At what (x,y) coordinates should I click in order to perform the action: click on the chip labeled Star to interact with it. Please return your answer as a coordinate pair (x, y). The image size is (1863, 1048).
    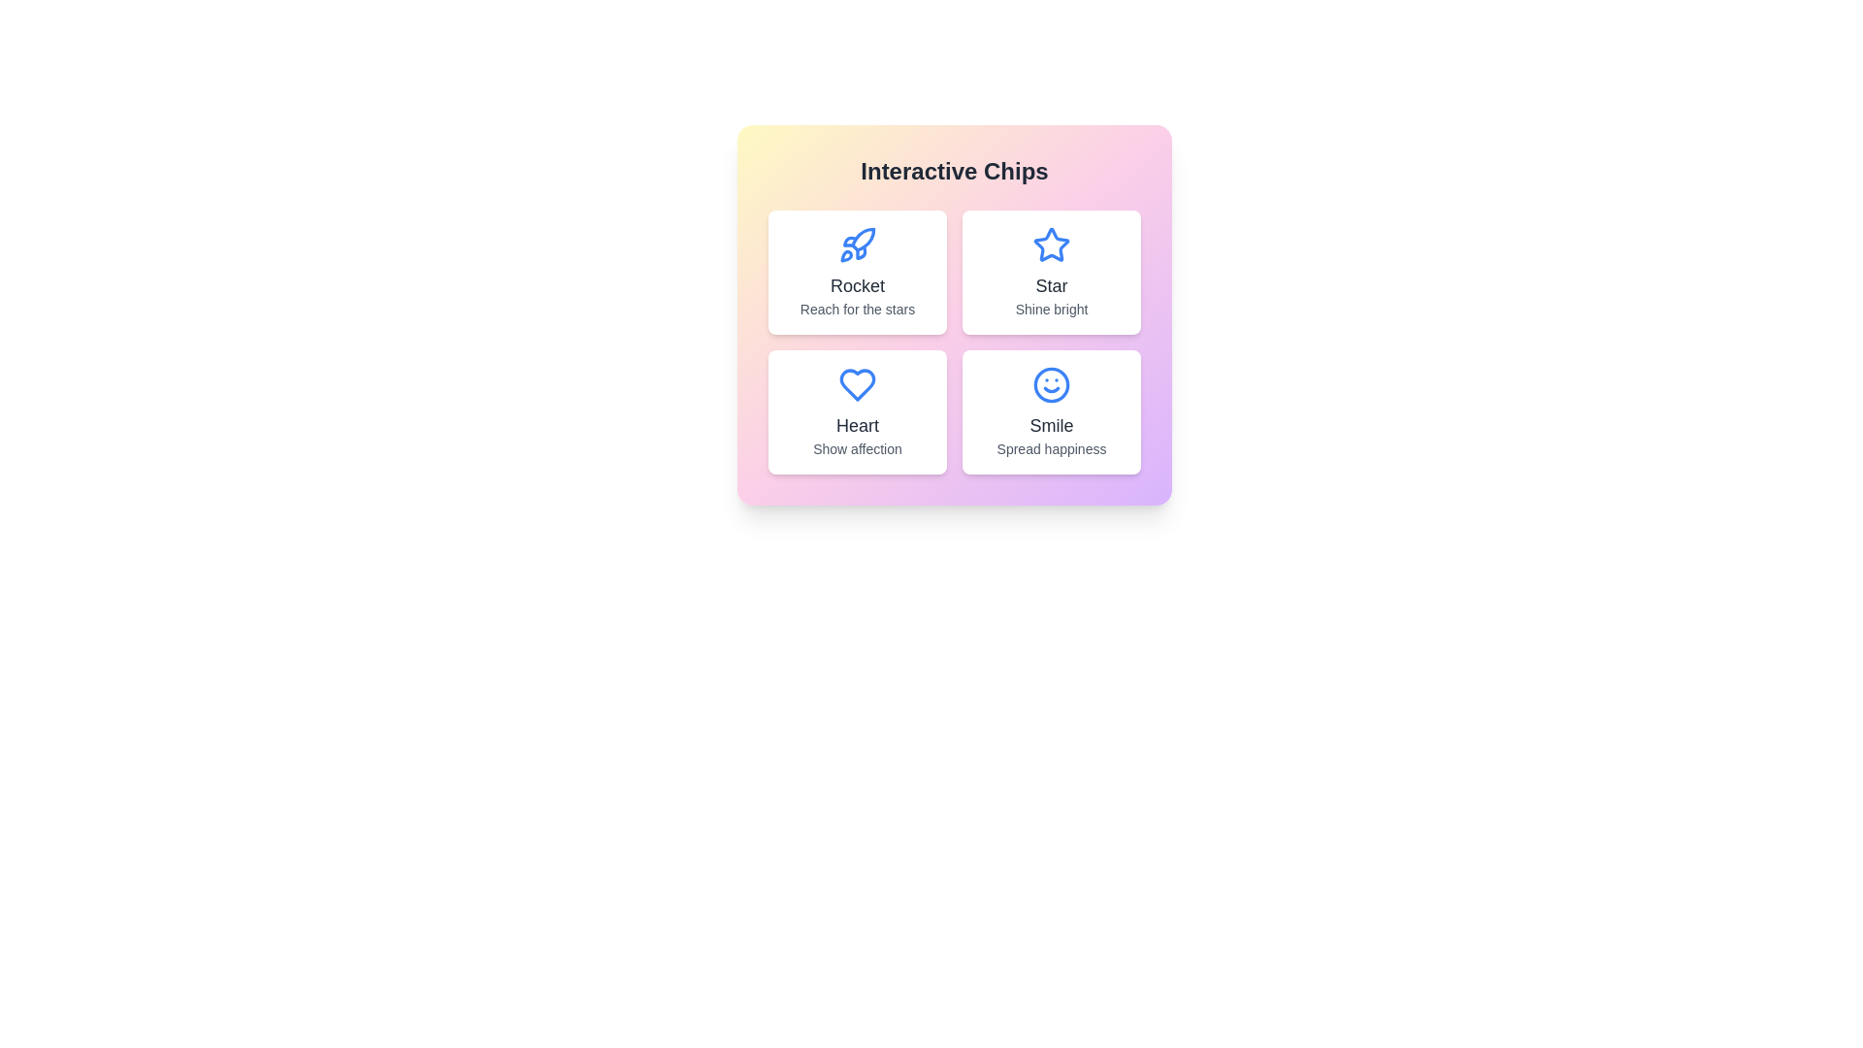
    Looking at the image, I should click on (1051, 273).